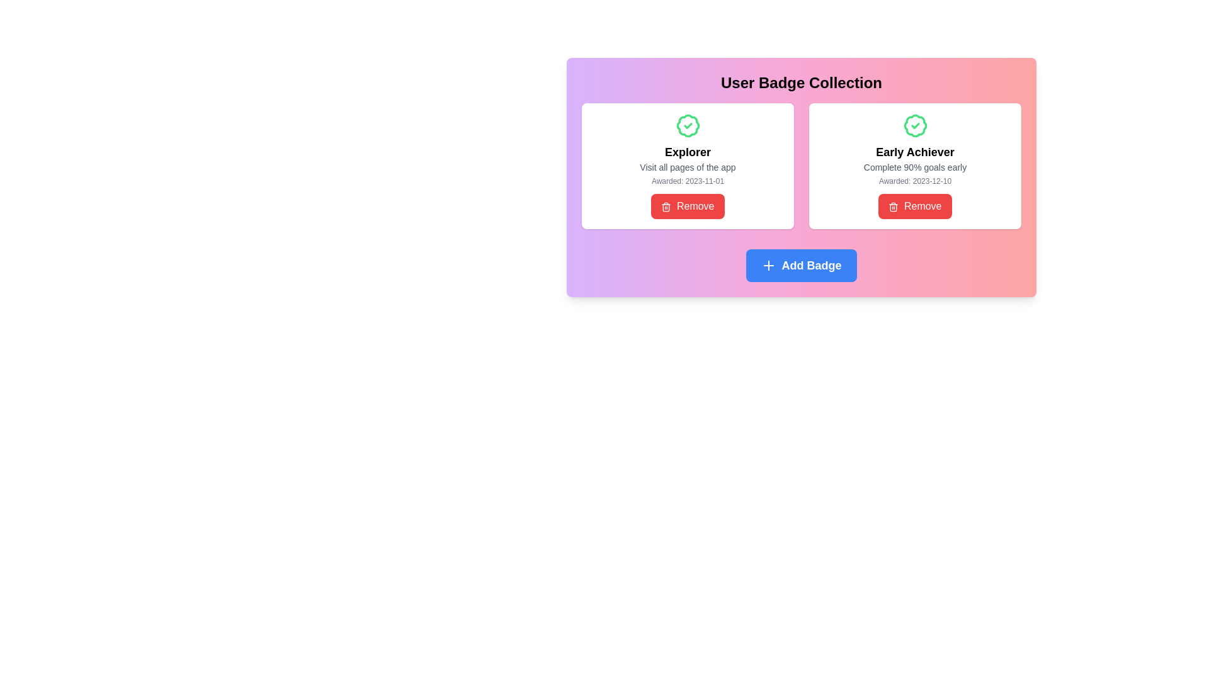 The image size is (1209, 680). Describe the element at coordinates (915, 152) in the screenshot. I see `the static text label indicating the achievement 'Early Achiever', which is the first line of text in the badge card on the right side of the badge collection` at that location.